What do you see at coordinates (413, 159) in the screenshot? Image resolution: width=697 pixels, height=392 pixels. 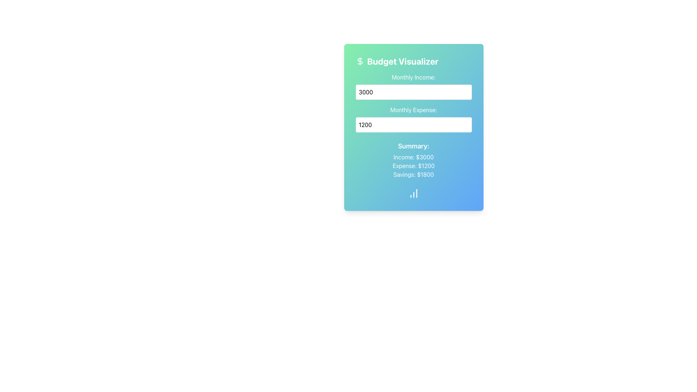 I see `the Text block that provides a breakdown of financial data located beneath the 'Monthly Expense:' section in the 'Budget Visualizer' card` at bounding box center [413, 159].